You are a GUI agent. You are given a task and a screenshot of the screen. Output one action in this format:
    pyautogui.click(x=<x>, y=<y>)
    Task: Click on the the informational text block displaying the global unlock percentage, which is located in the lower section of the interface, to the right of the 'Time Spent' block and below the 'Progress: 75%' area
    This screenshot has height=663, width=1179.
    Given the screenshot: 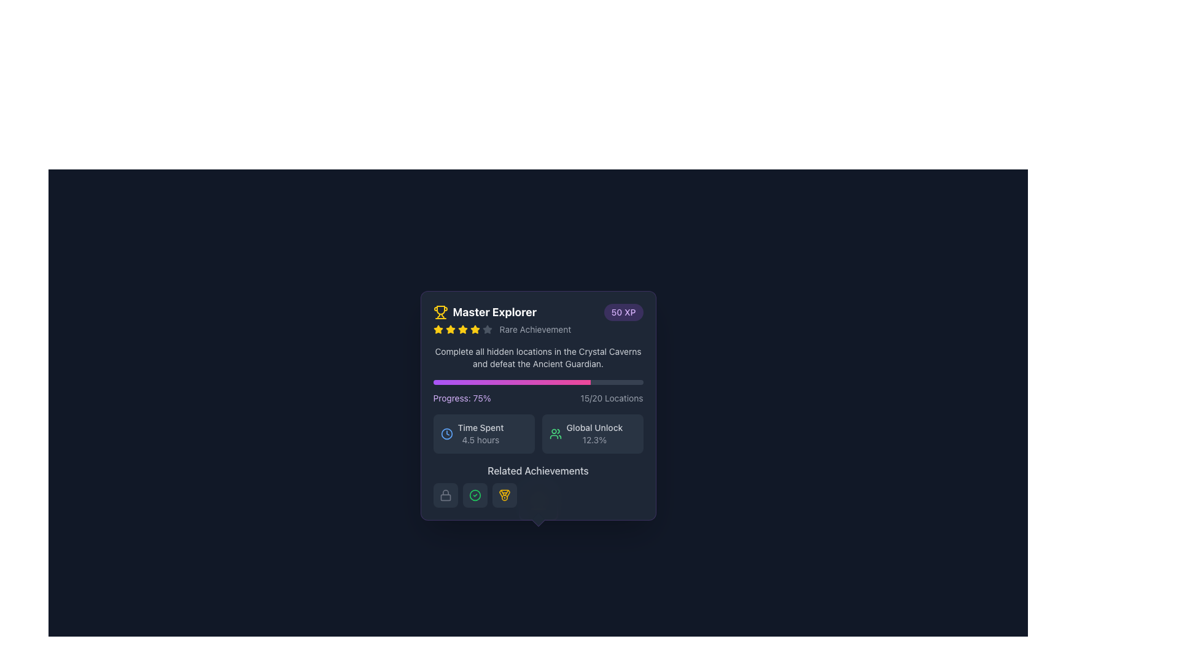 What is the action you would take?
    pyautogui.click(x=594, y=433)
    